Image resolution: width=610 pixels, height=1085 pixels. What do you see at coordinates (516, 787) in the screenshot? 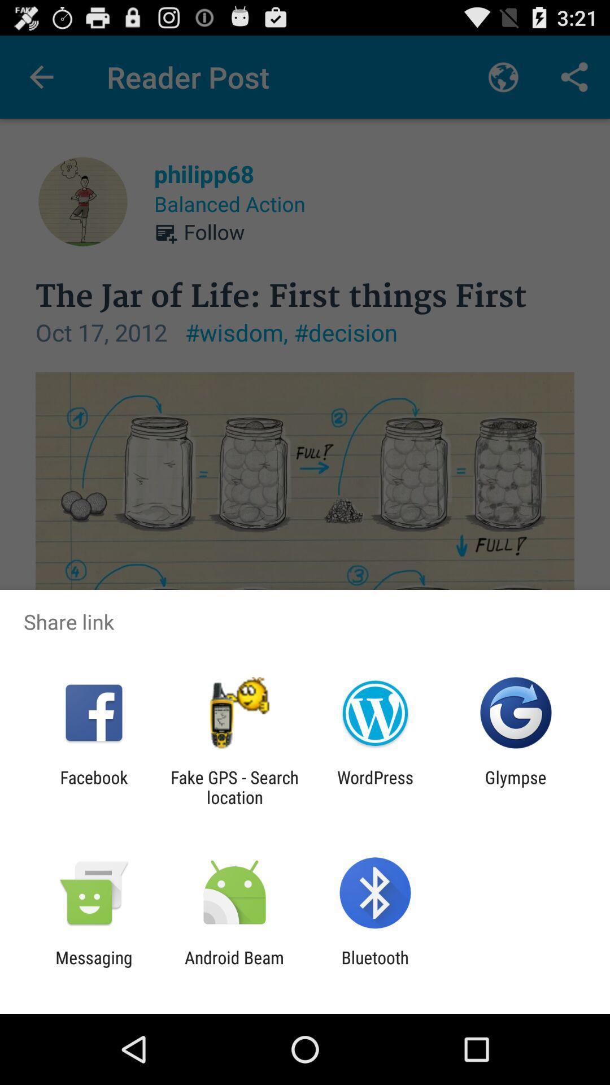
I see `glympse` at bounding box center [516, 787].